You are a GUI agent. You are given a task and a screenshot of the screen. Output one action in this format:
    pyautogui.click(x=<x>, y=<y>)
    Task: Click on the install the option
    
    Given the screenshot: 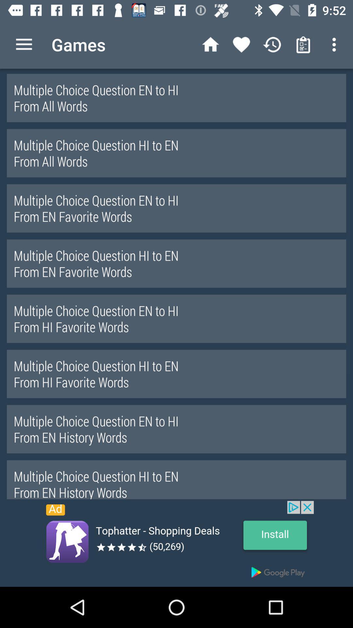 What is the action you would take?
    pyautogui.click(x=176, y=544)
    